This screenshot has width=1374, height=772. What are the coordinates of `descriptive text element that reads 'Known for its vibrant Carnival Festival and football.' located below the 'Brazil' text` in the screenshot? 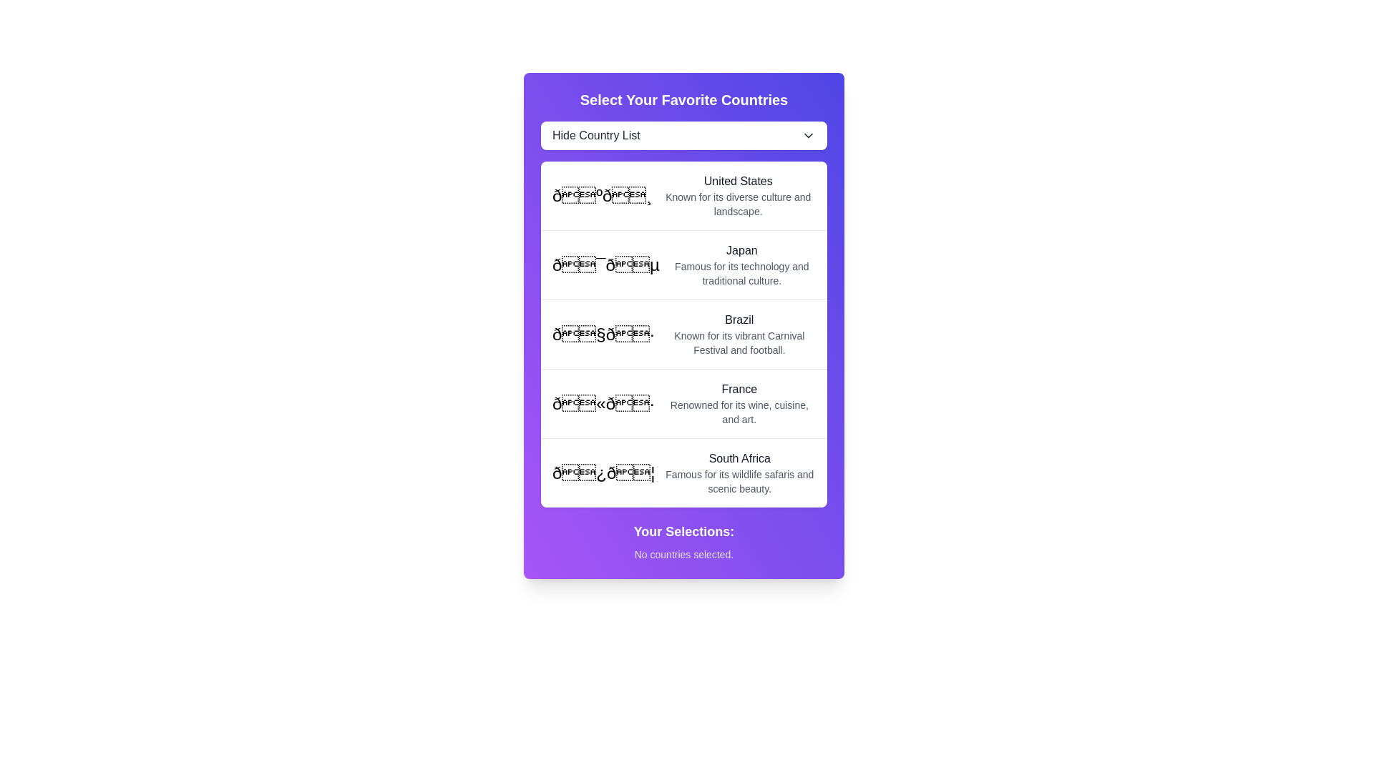 It's located at (739, 342).